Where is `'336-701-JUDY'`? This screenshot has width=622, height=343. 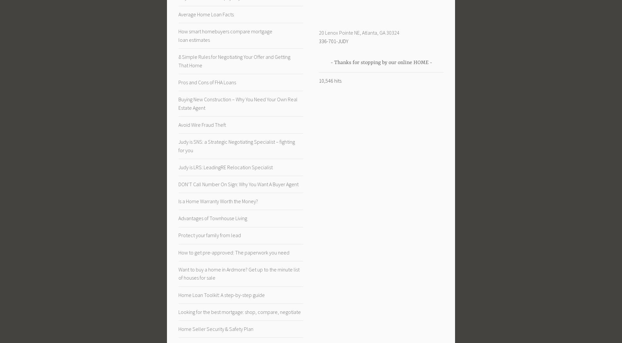
'336-701-JUDY' is located at coordinates (319, 40).